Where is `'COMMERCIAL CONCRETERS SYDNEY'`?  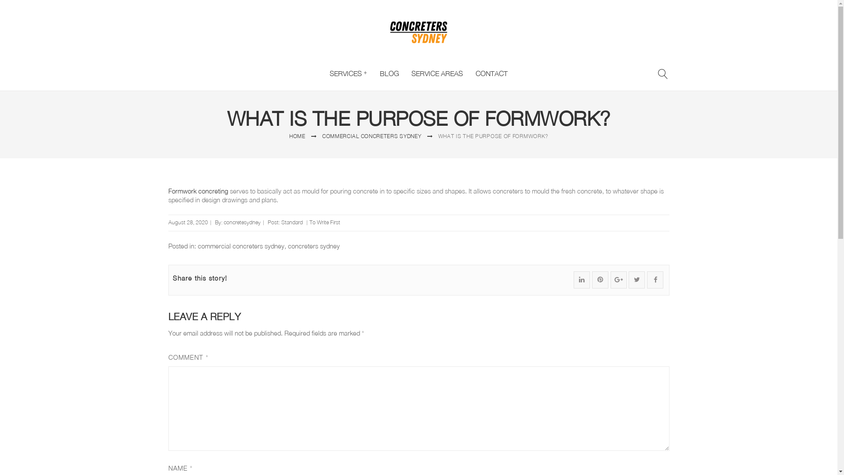
'COMMERCIAL CONCRETERS SYDNEY' is located at coordinates (371, 136).